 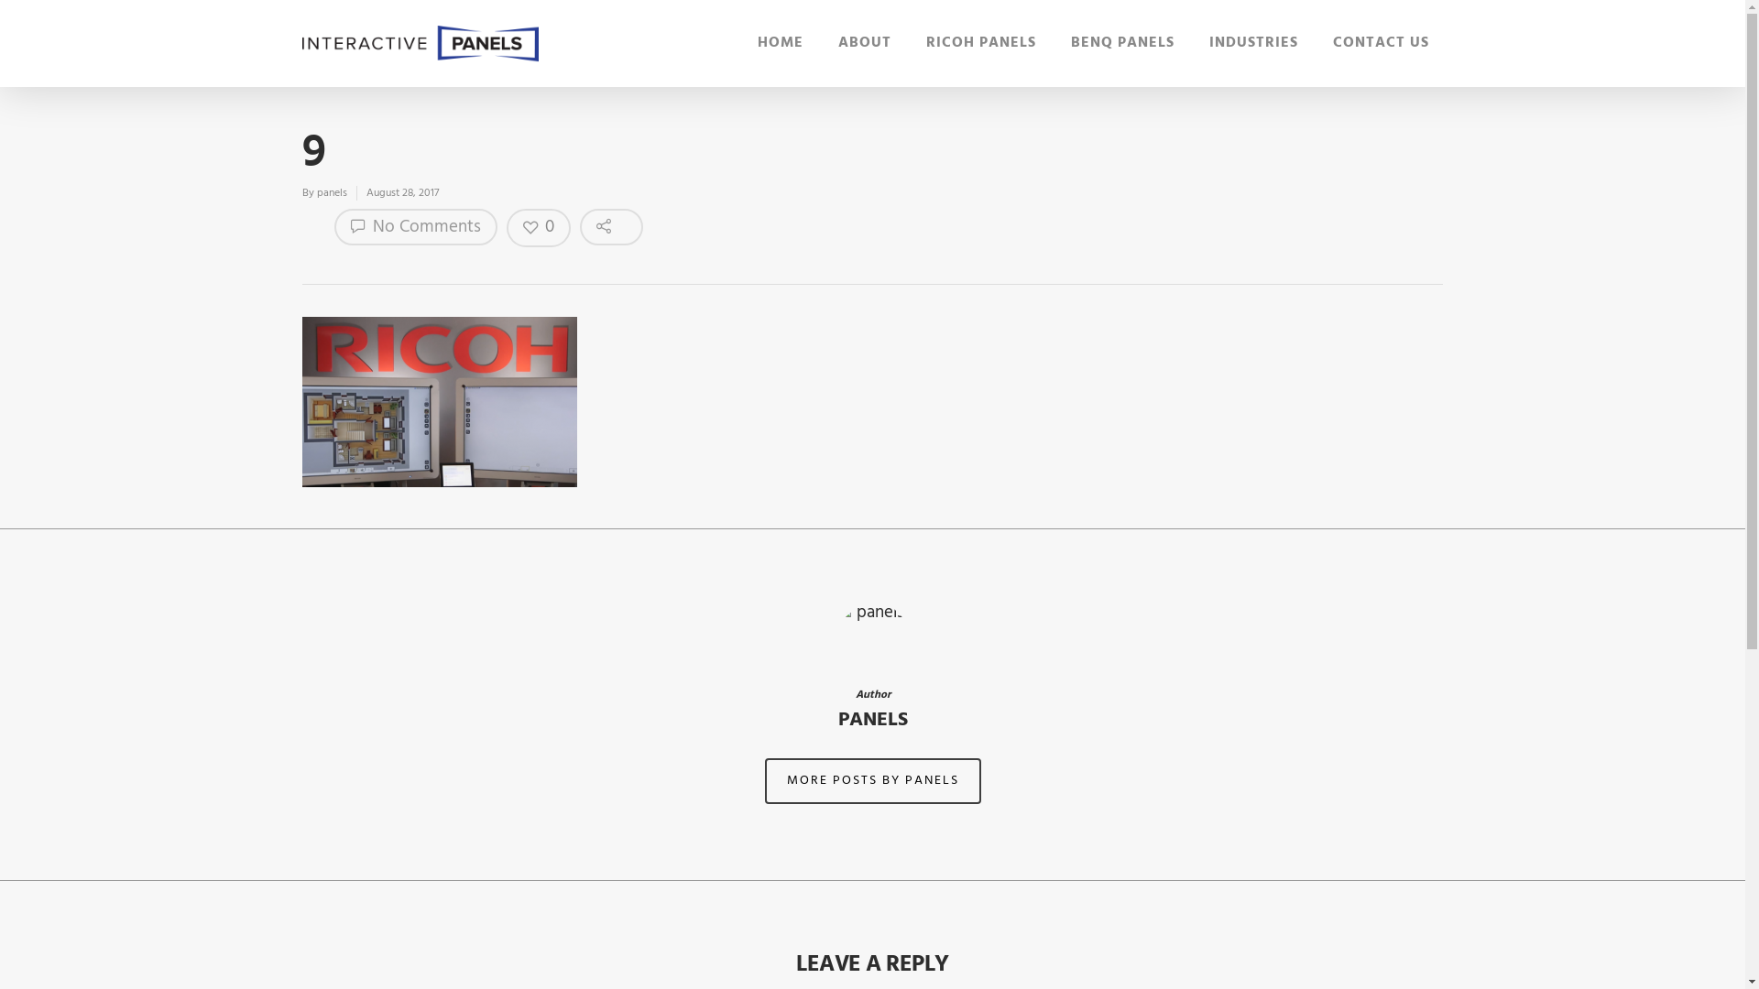 I want to click on 'No Comments', so click(x=415, y=225).